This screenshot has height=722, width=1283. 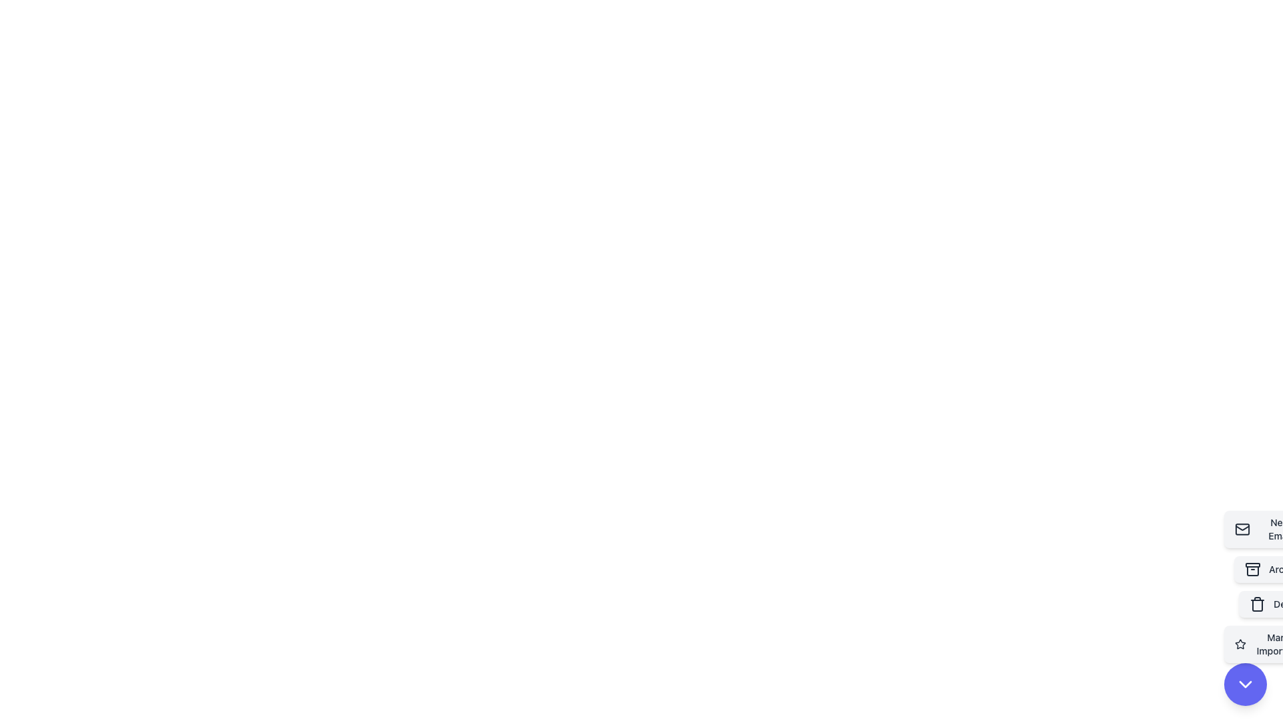 What do you see at coordinates (1256, 604) in the screenshot?
I see `the trash can icon on the left side of the 'Delete' button` at bounding box center [1256, 604].